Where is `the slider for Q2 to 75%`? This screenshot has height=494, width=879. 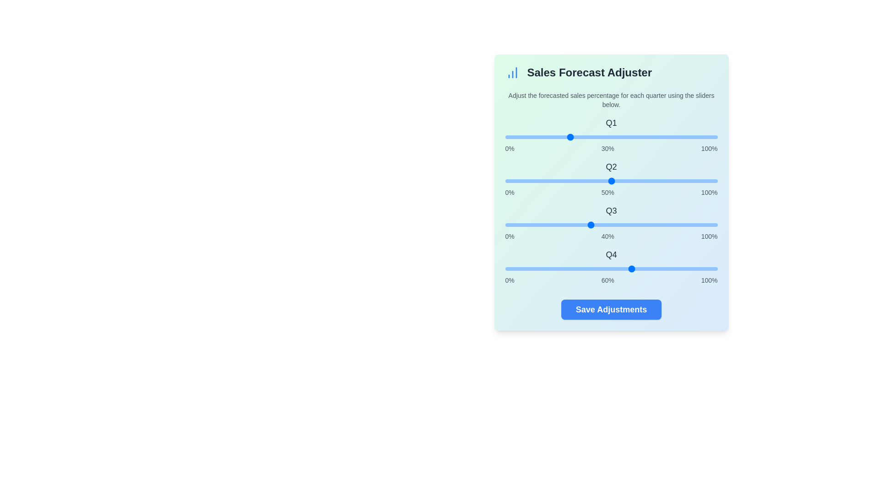
the slider for Q2 to 75% is located at coordinates (664, 181).